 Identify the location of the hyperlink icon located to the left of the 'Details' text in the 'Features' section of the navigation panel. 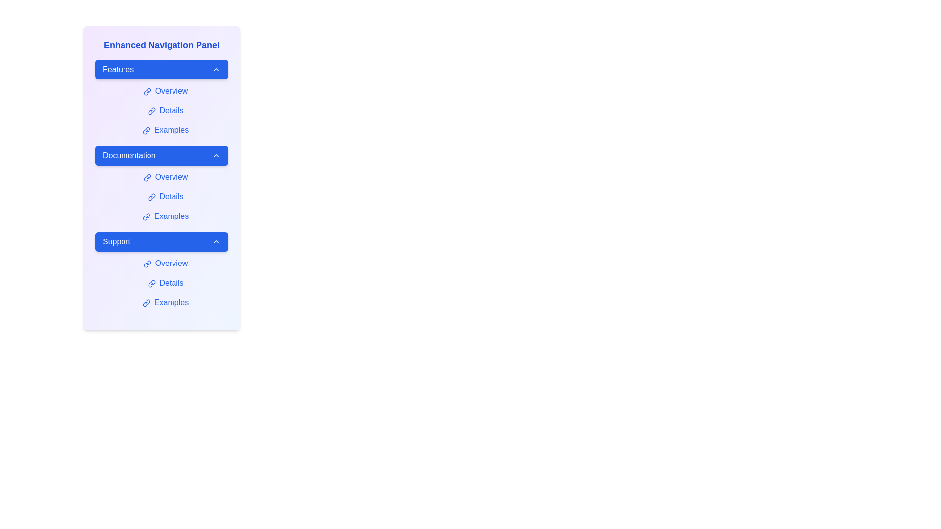
(151, 110).